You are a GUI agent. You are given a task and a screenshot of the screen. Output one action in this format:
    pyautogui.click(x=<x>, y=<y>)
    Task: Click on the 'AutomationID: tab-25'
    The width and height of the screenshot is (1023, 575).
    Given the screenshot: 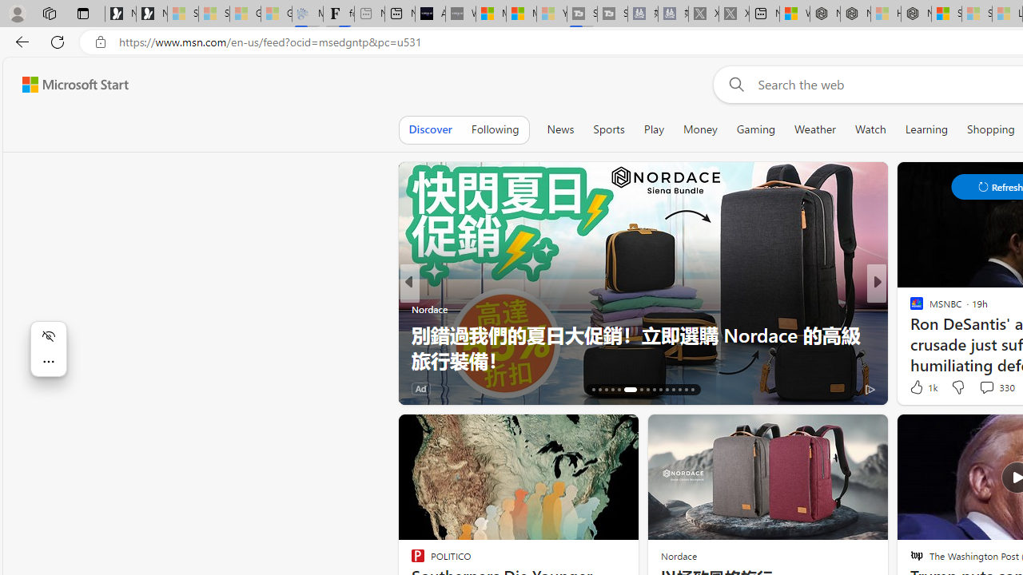 What is the action you would take?
    pyautogui.click(x=660, y=390)
    